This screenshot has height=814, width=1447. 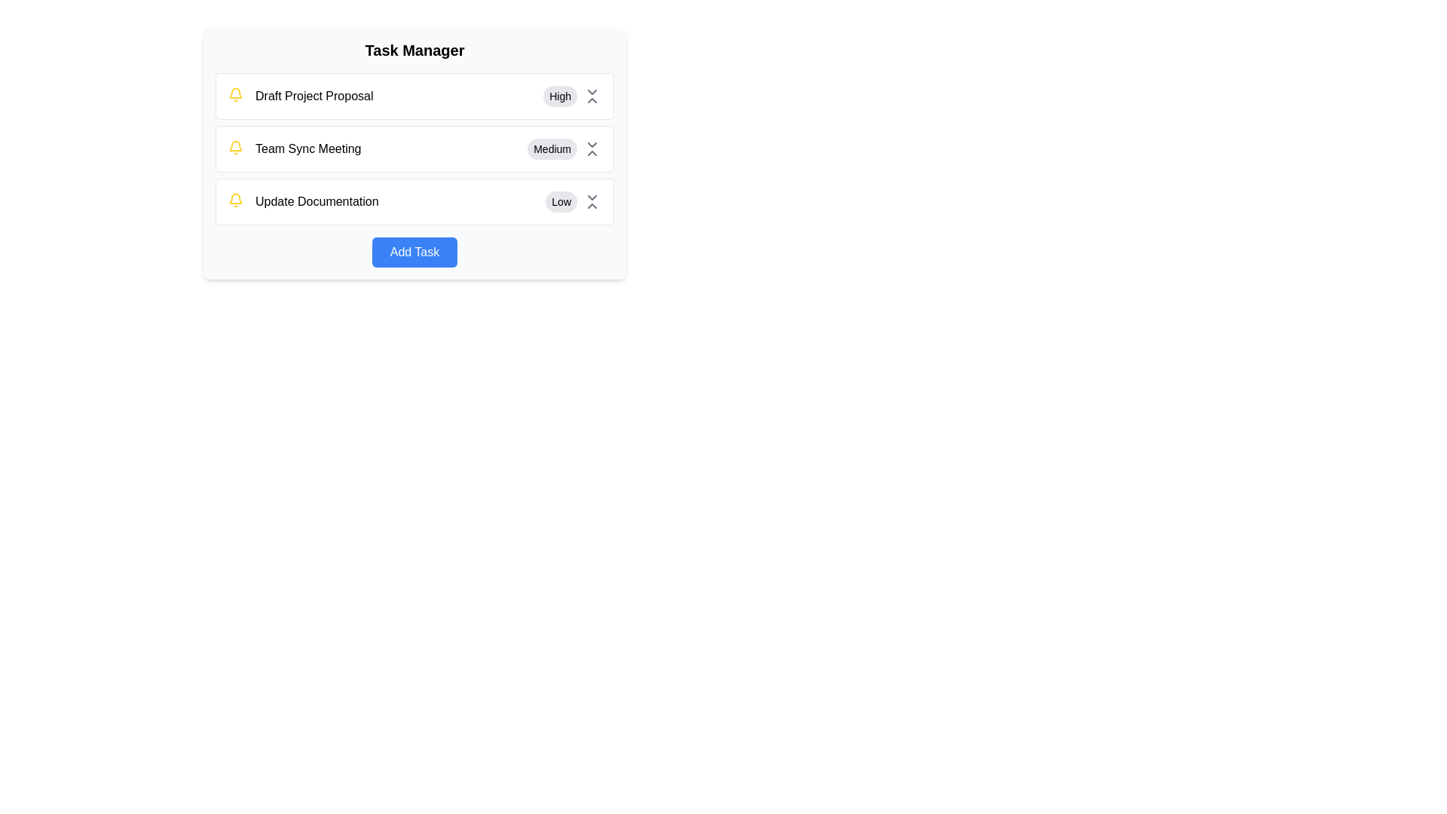 I want to click on the text label displaying 'Draft Project Proposal', so click(x=300, y=96).